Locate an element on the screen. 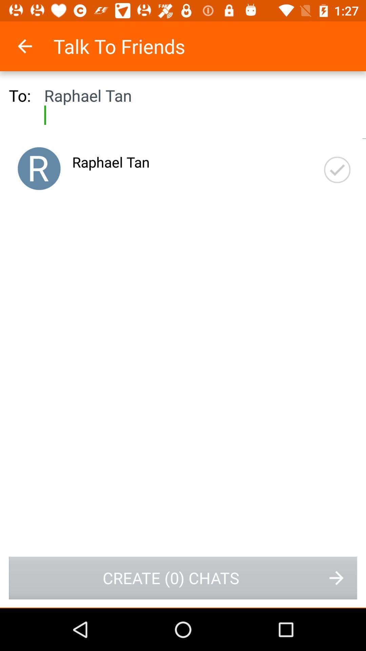 This screenshot has width=366, height=651. icon next to talk to friends is located at coordinates (34, 46).